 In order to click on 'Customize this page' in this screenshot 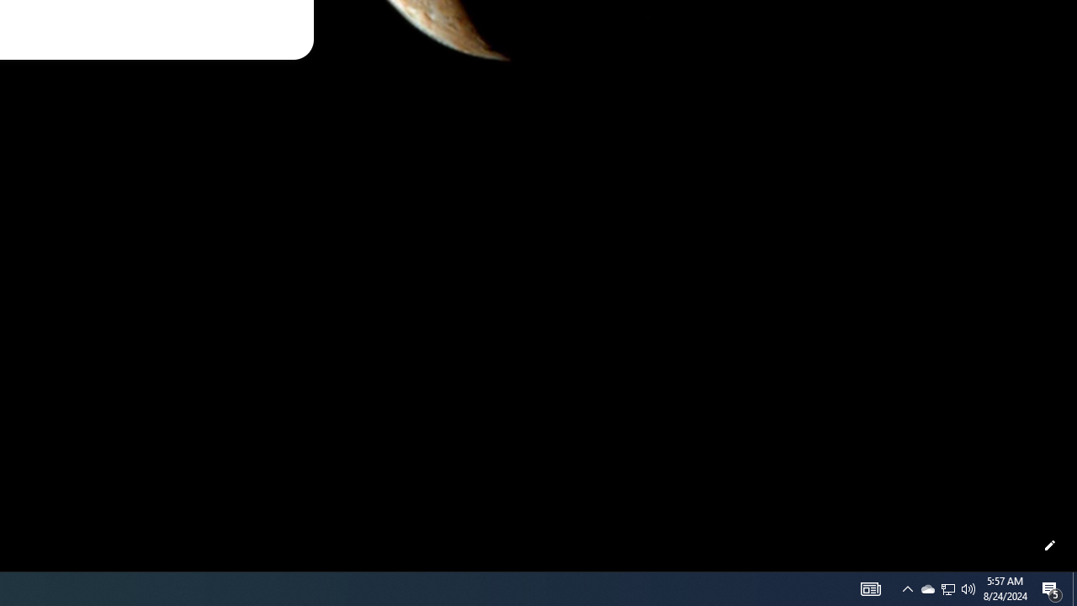, I will do `click(1049, 545)`.